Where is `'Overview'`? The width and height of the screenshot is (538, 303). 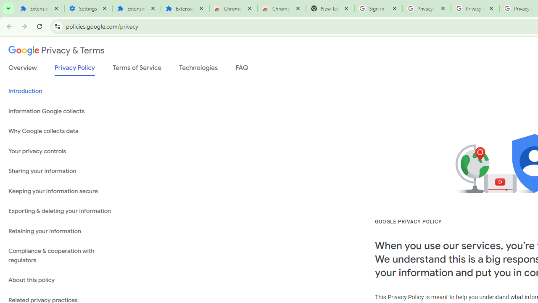 'Overview' is located at coordinates (23, 69).